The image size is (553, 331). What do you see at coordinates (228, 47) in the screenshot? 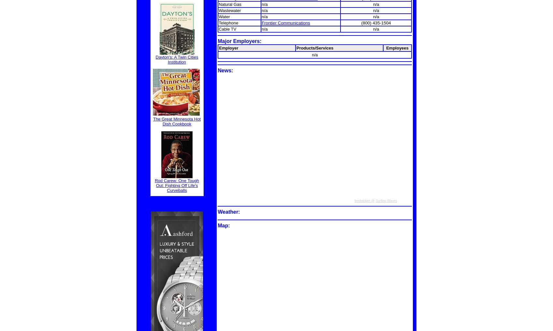
I see `'Employer'` at bounding box center [228, 47].